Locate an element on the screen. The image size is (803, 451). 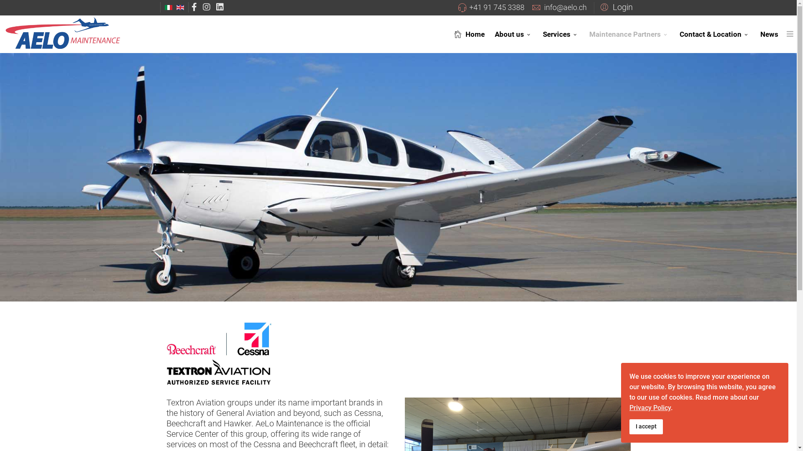
'Maintenance Partners' is located at coordinates (583, 33).